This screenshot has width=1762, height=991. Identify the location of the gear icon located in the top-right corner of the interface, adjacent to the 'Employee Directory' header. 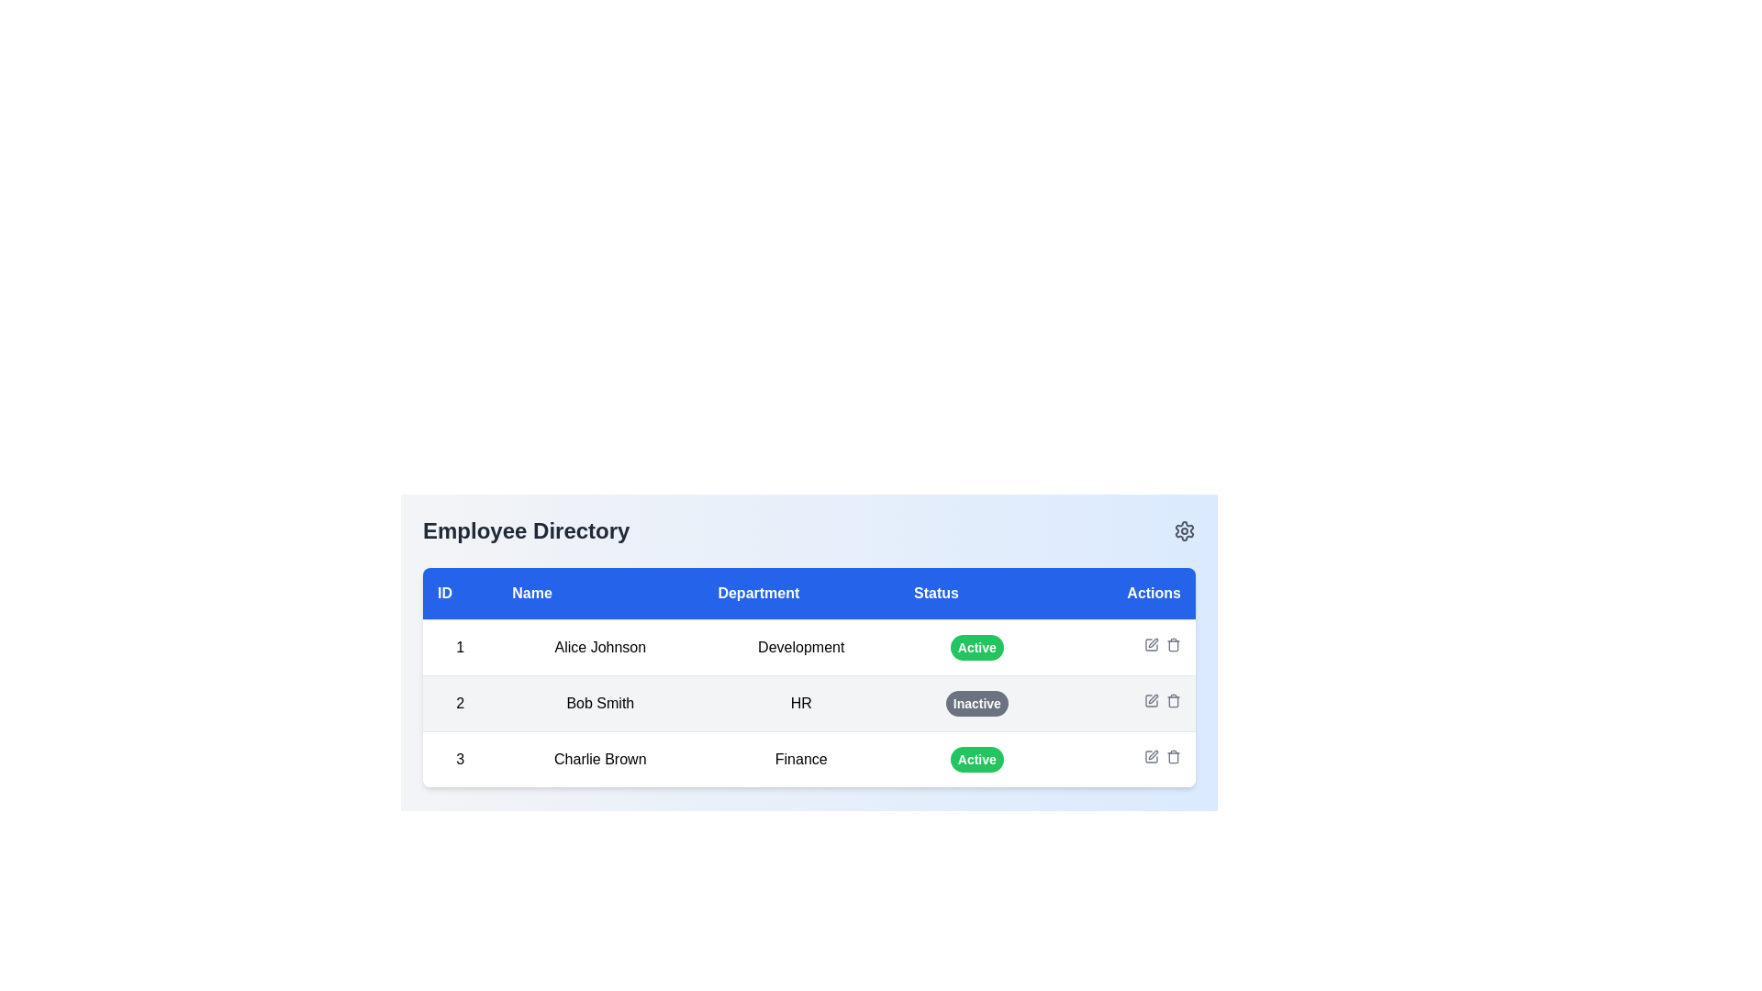
(1185, 530).